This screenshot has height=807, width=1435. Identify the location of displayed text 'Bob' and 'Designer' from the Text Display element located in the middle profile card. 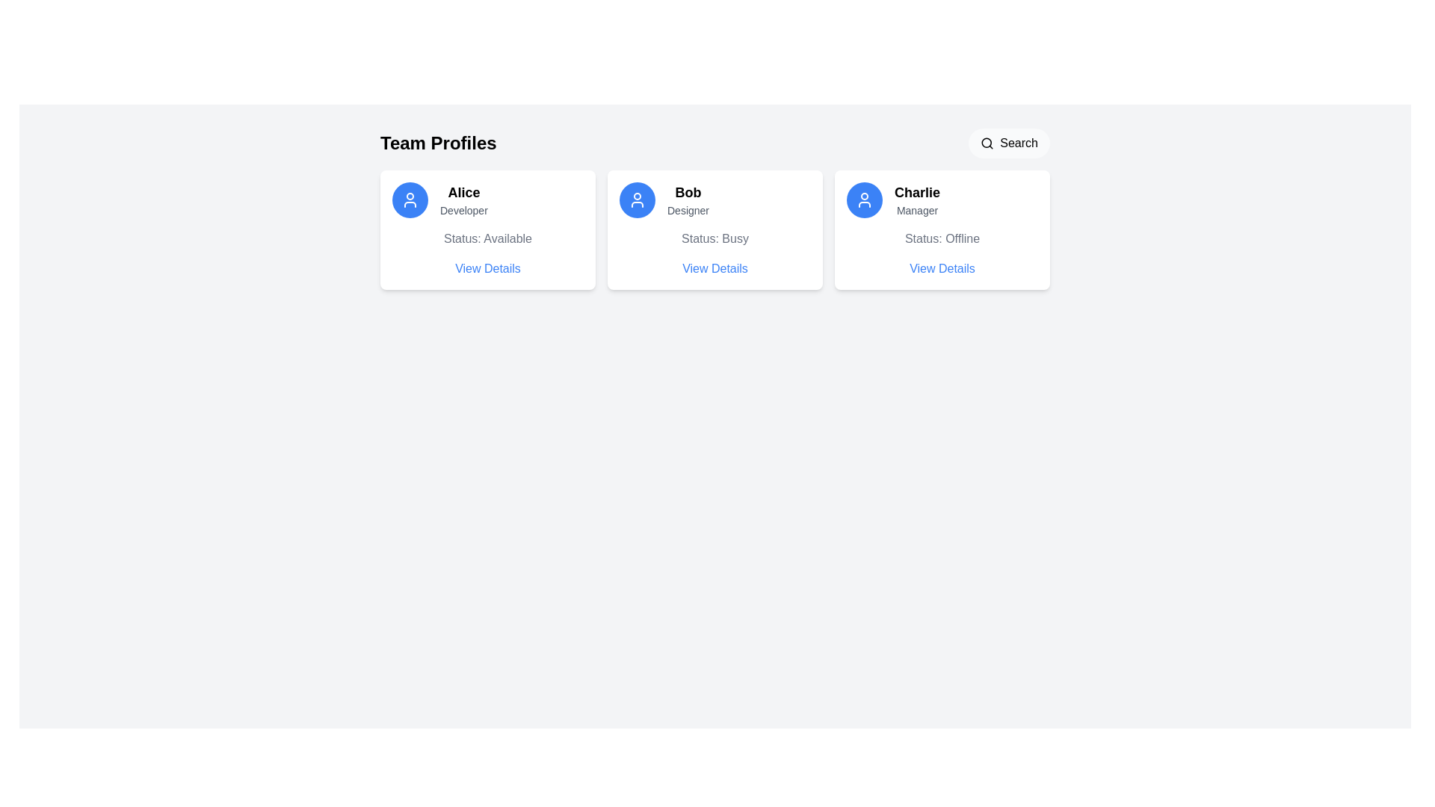
(688, 199).